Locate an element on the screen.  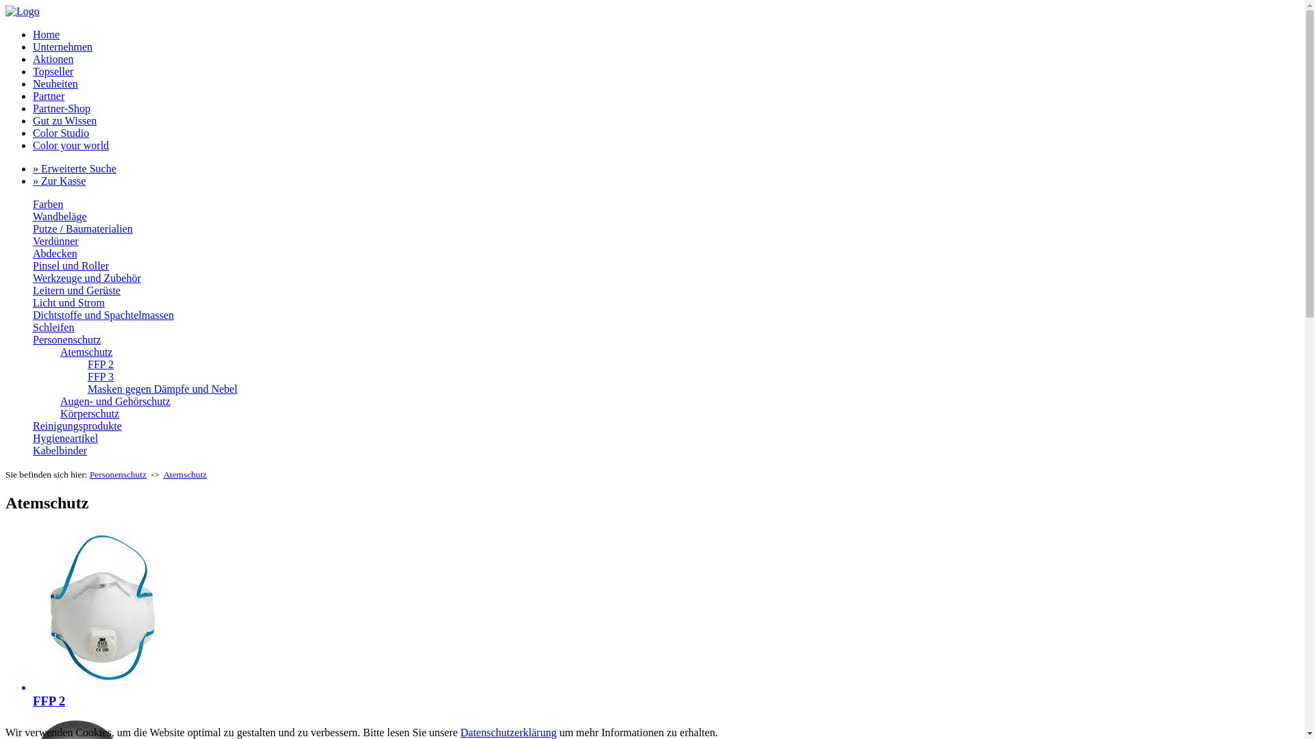
'Hygieneartikel' is located at coordinates (64, 438).